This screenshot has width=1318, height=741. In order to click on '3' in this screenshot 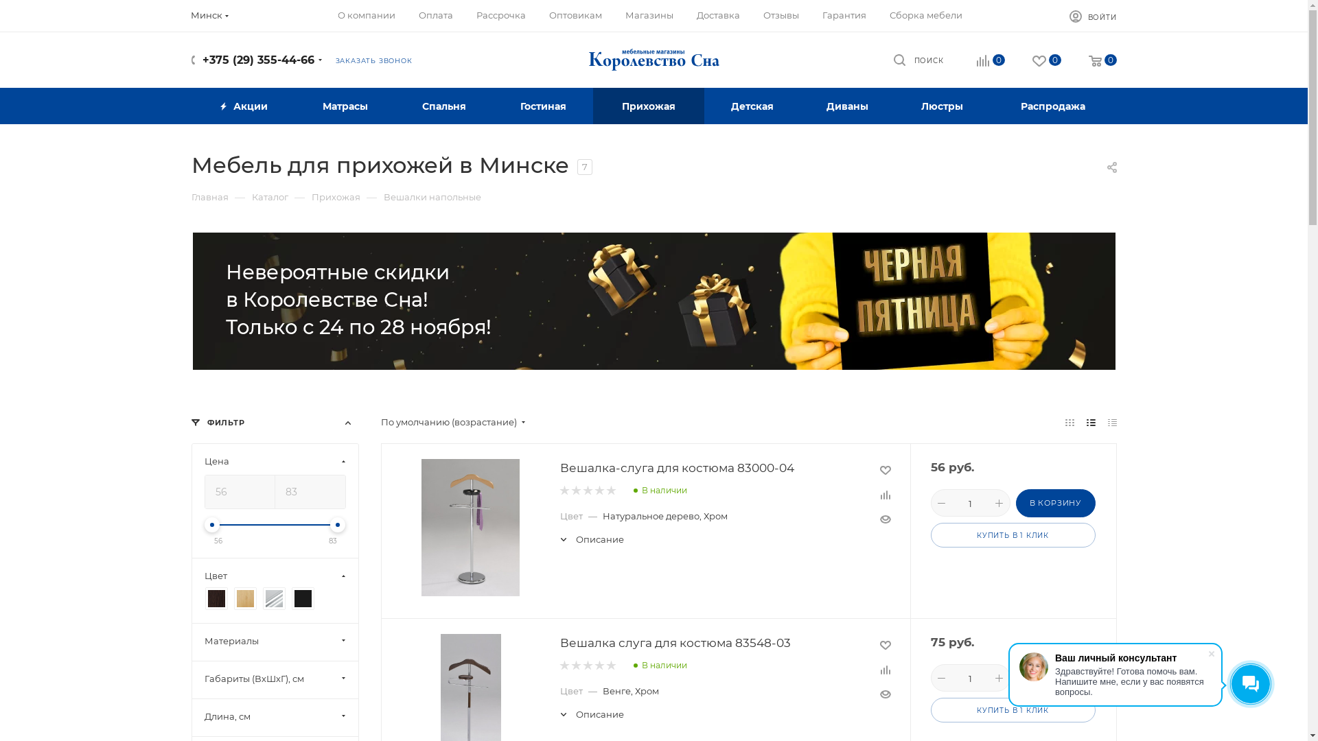, I will do `click(582, 490)`.